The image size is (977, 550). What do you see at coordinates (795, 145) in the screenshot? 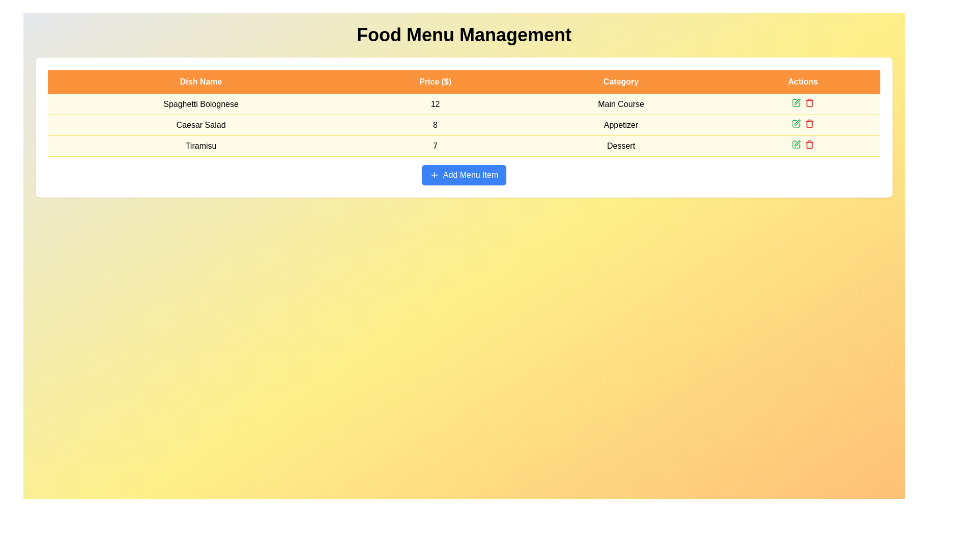
I see `the icon button resembling a square with a pen overlay in the 'Actions' column for the 'Tiramisu' menu item` at bounding box center [795, 145].